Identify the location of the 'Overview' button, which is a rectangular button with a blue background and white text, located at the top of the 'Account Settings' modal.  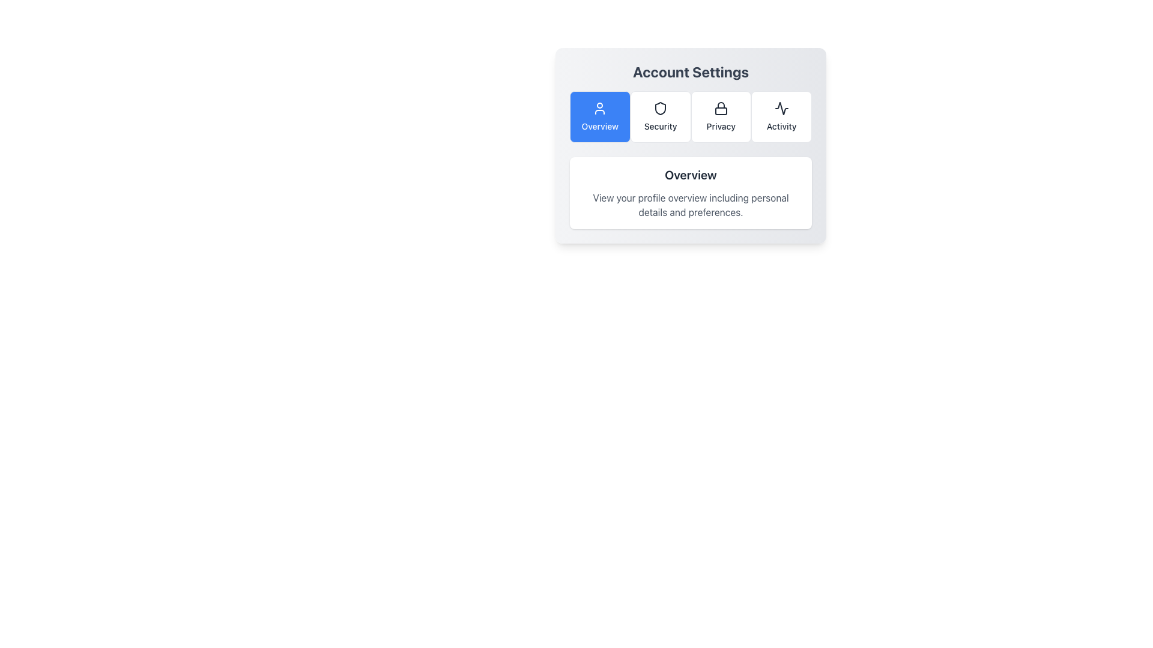
(600, 117).